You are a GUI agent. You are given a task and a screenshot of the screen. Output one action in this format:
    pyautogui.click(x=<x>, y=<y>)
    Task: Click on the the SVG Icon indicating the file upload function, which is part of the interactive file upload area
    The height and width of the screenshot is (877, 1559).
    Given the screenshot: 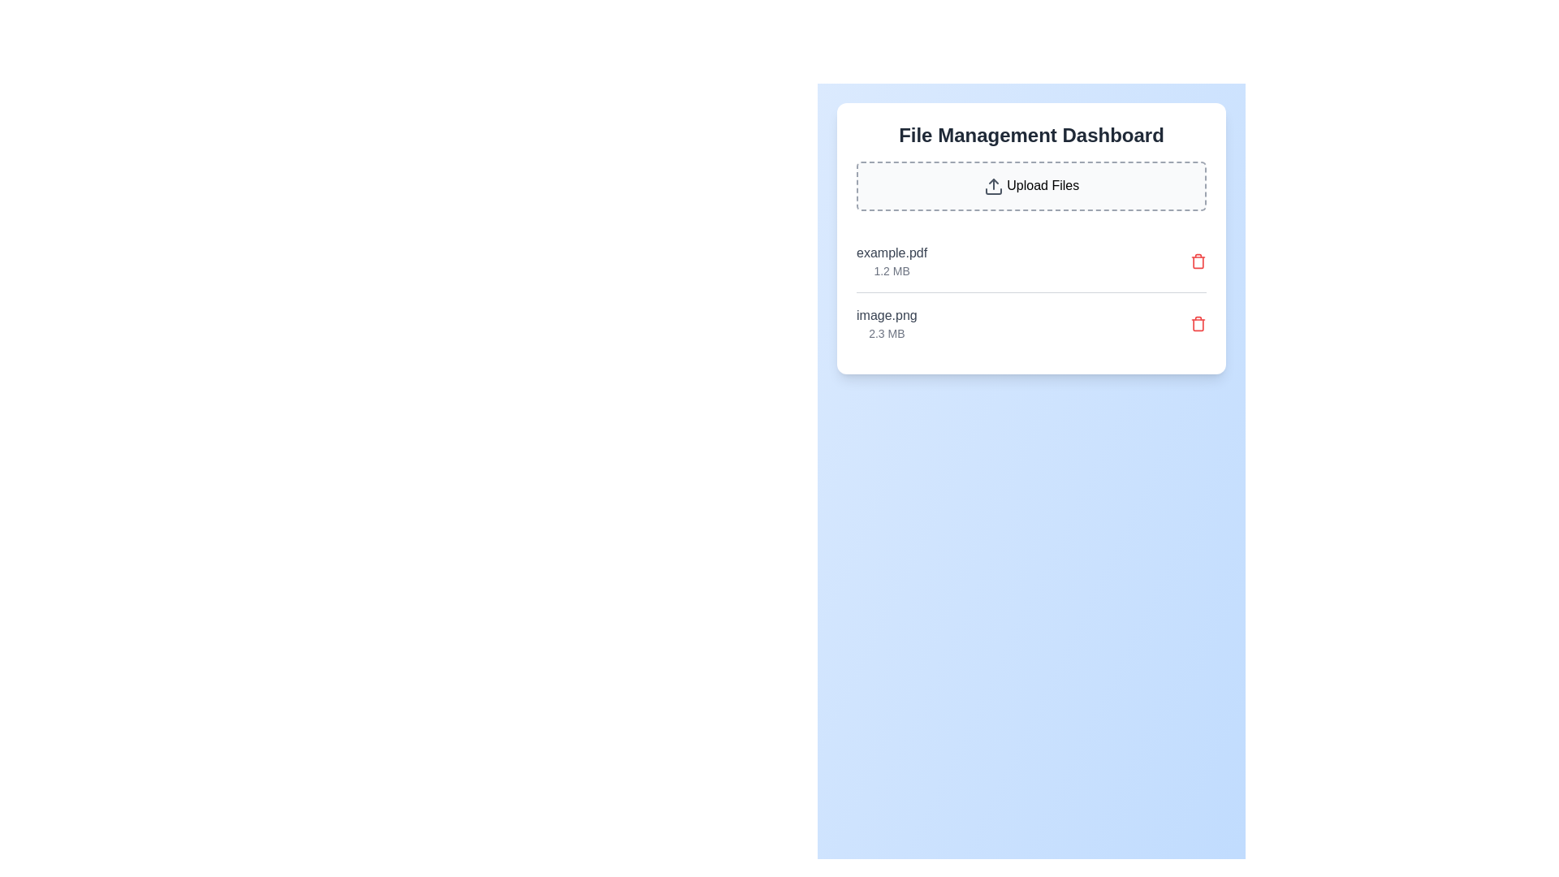 What is the action you would take?
    pyautogui.click(x=992, y=185)
    